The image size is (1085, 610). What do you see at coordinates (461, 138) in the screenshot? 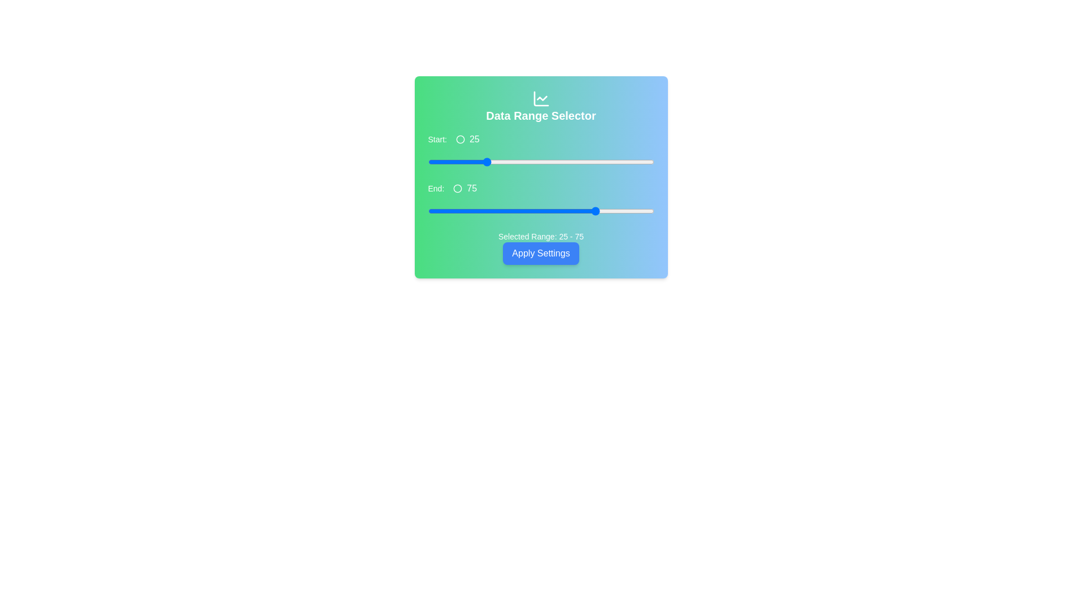
I see `the Circle icon or graphical marker that visually emphasizes the starting range value '25', located just after the text 'Start:' in the Data Range Selector panel` at bounding box center [461, 138].